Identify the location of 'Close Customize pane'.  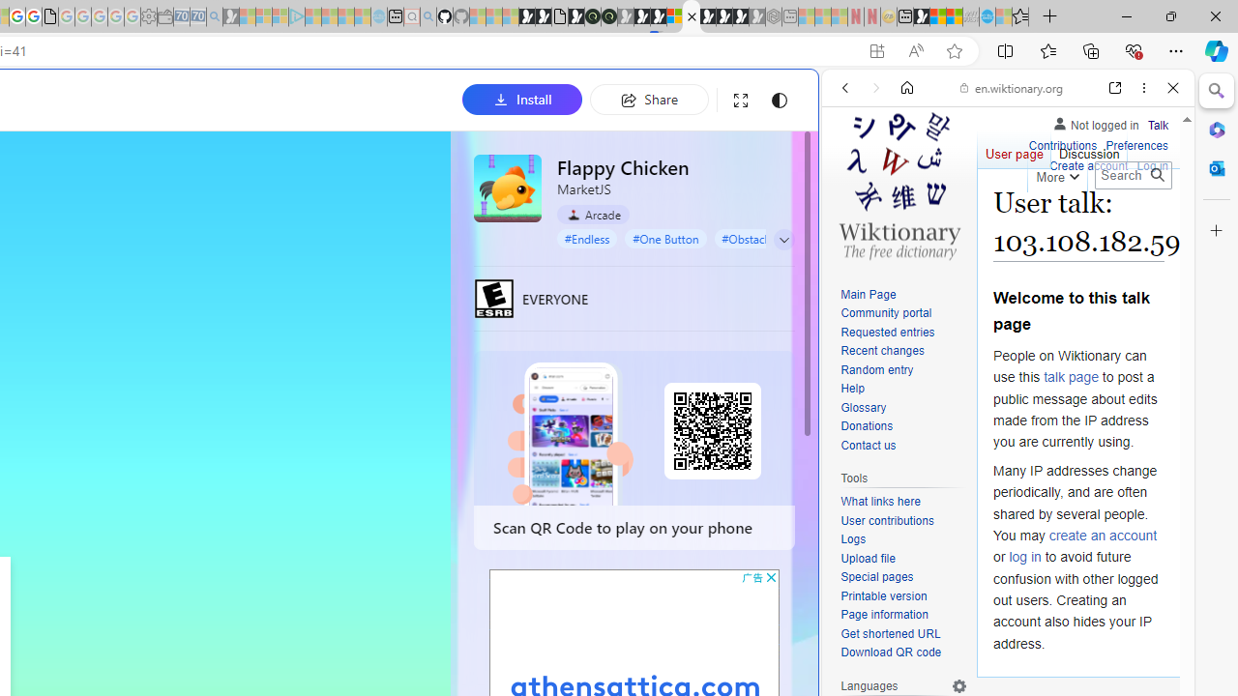
(1216, 230).